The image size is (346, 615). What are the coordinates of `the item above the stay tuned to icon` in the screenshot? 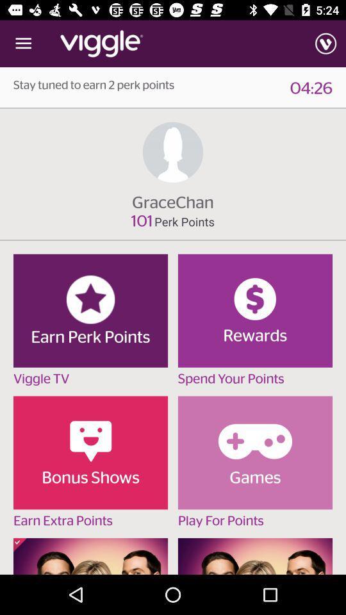 It's located at (23, 44).